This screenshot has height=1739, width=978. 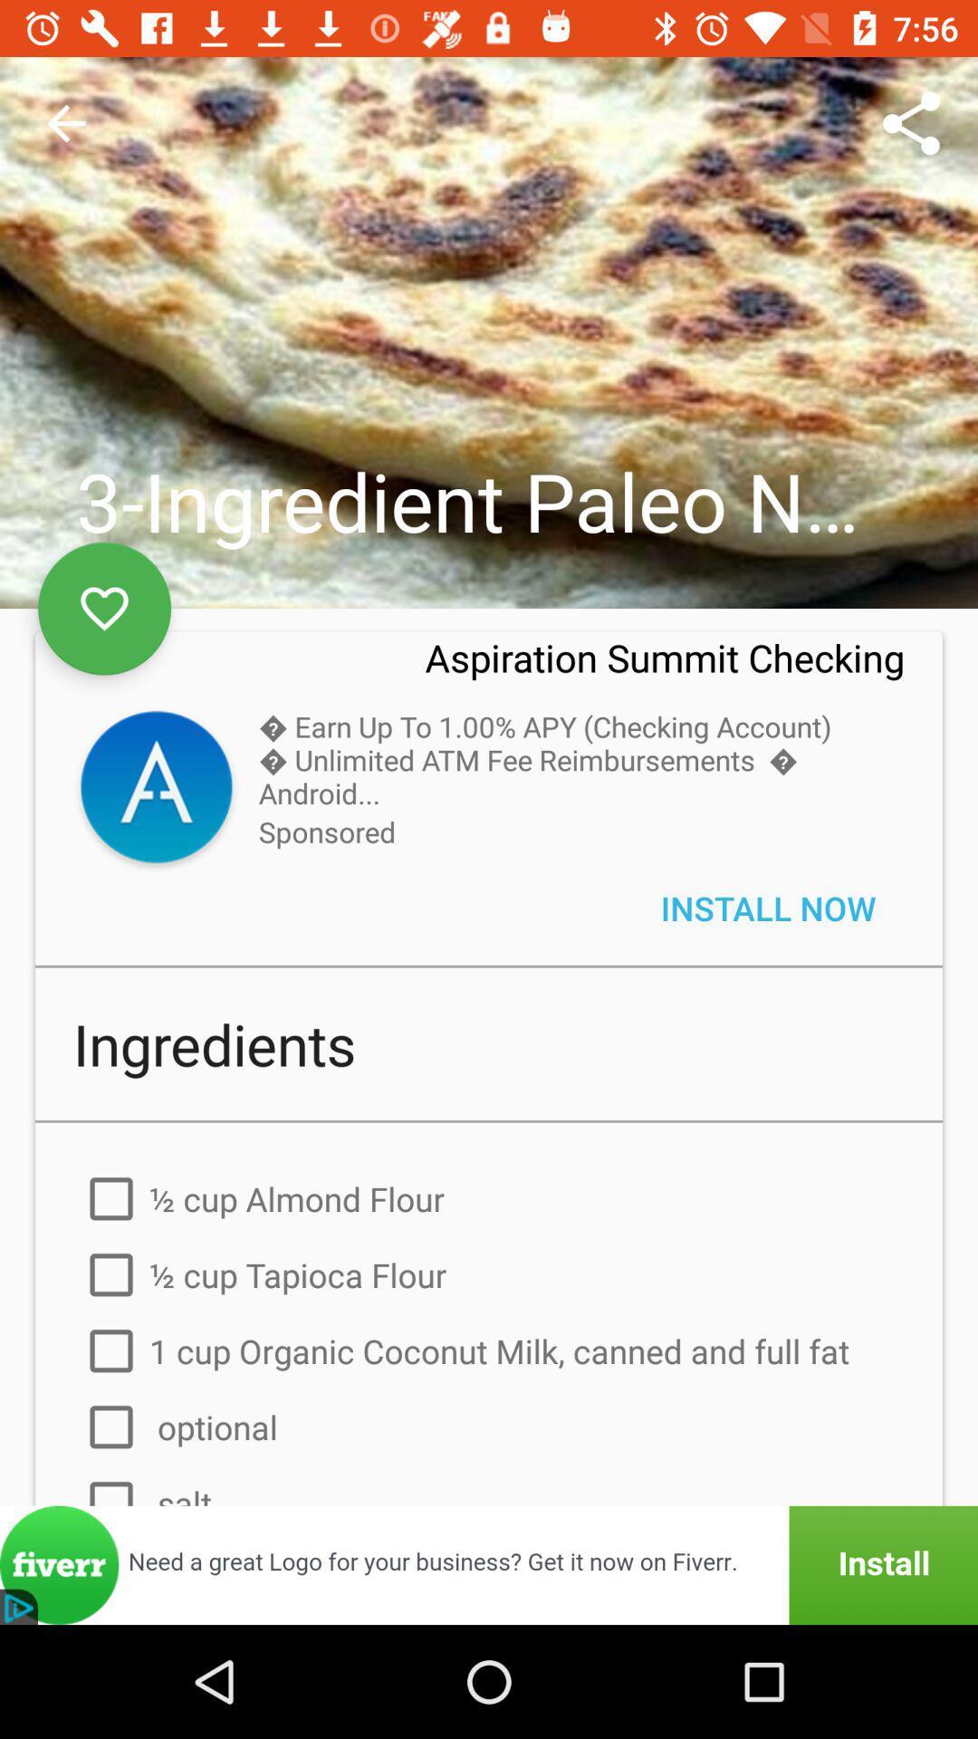 I want to click on like recipe, so click(x=104, y=609).